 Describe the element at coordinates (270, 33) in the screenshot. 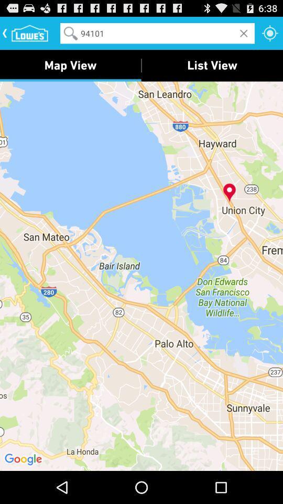

I see `item to the right of 94101 icon` at that location.